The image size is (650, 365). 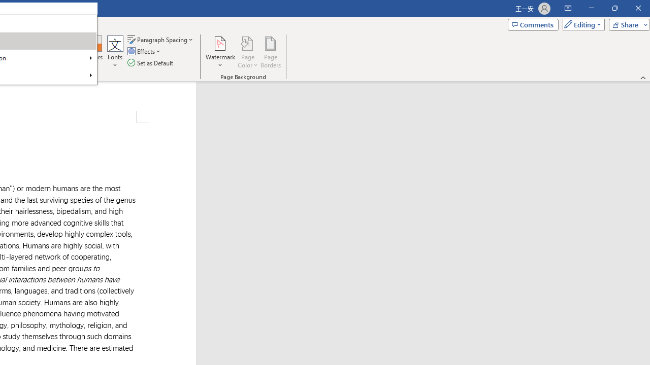 What do you see at coordinates (77, 40) in the screenshot?
I see `'Row up'` at bounding box center [77, 40].